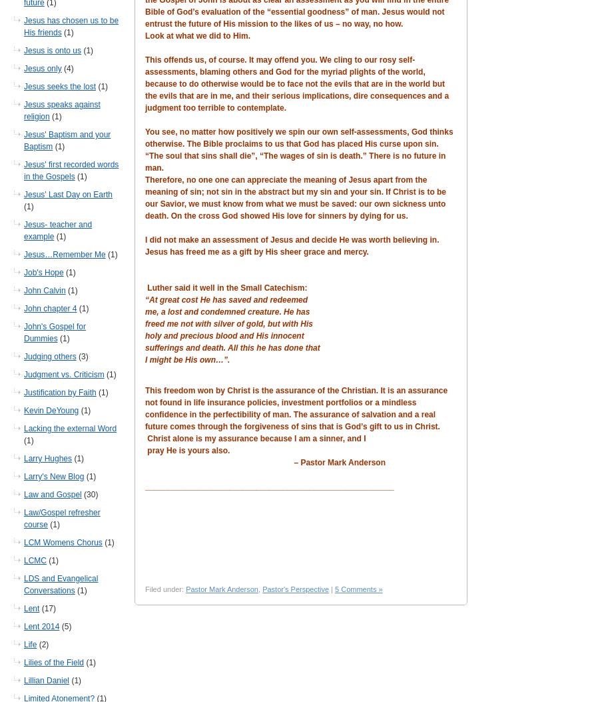  Describe the element at coordinates (44, 290) in the screenshot. I see `'John Calvin'` at that location.